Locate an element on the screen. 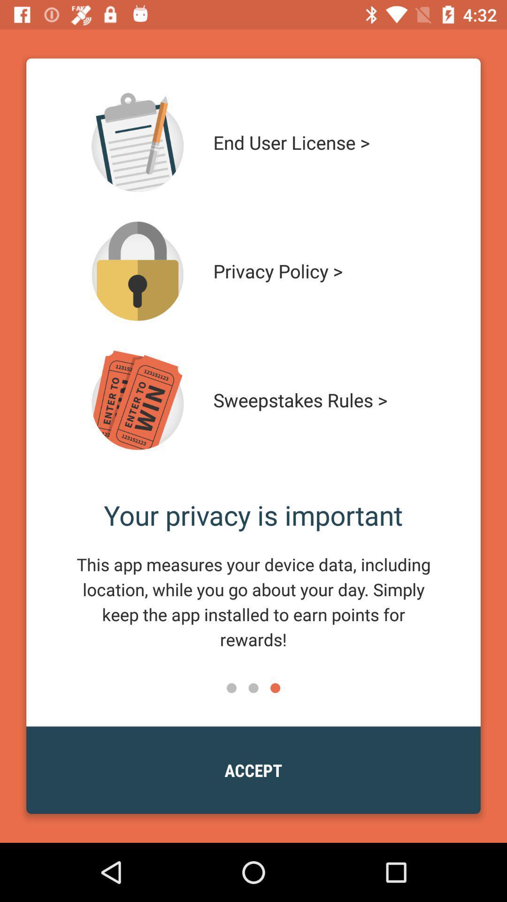 This screenshot has height=902, width=507. the item below the privacy policy > icon is located at coordinates (318, 400).